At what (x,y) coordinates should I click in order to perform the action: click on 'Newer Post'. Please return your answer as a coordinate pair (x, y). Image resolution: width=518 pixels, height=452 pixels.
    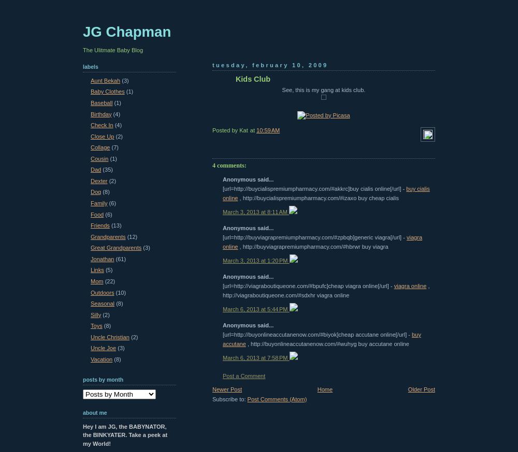
    Looking at the image, I should click on (212, 388).